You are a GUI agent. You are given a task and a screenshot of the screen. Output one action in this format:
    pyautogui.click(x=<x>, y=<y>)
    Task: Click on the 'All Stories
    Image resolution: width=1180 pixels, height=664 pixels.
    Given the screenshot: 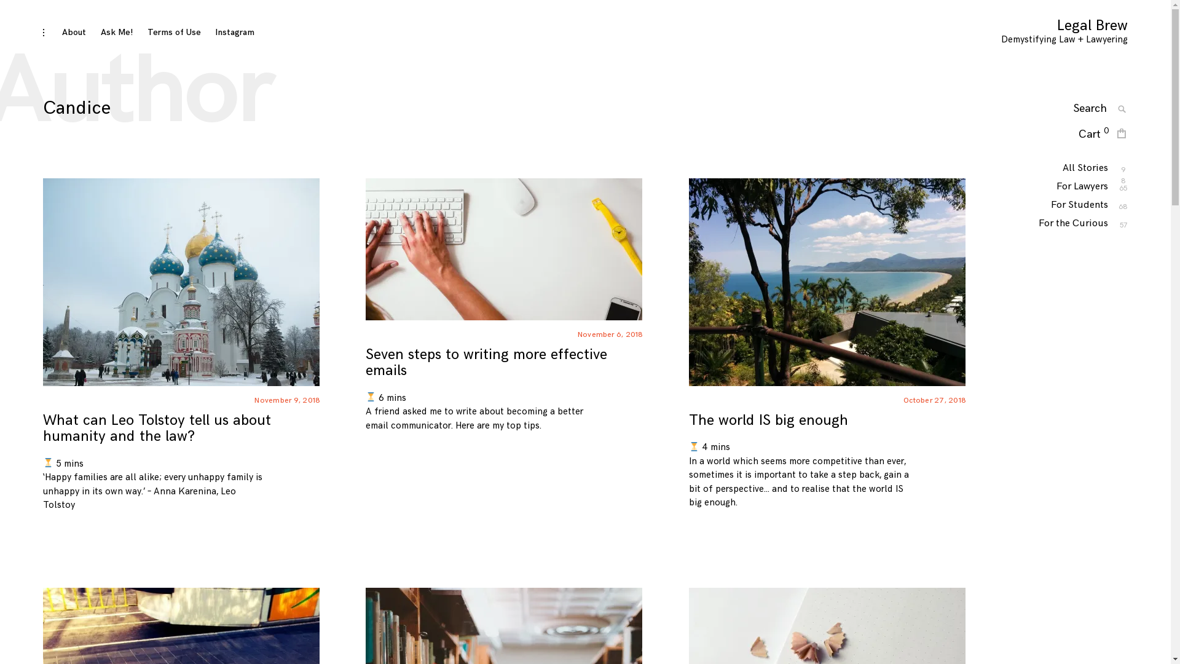 What is the action you would take?
    pyautogui.click(x=1085, y=168)
    